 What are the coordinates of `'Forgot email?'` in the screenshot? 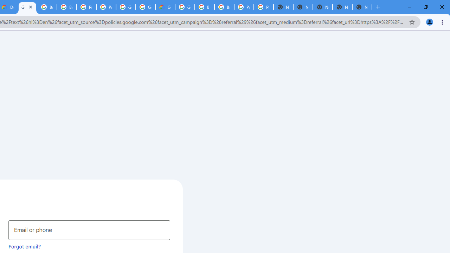 It's located at (25, 246).